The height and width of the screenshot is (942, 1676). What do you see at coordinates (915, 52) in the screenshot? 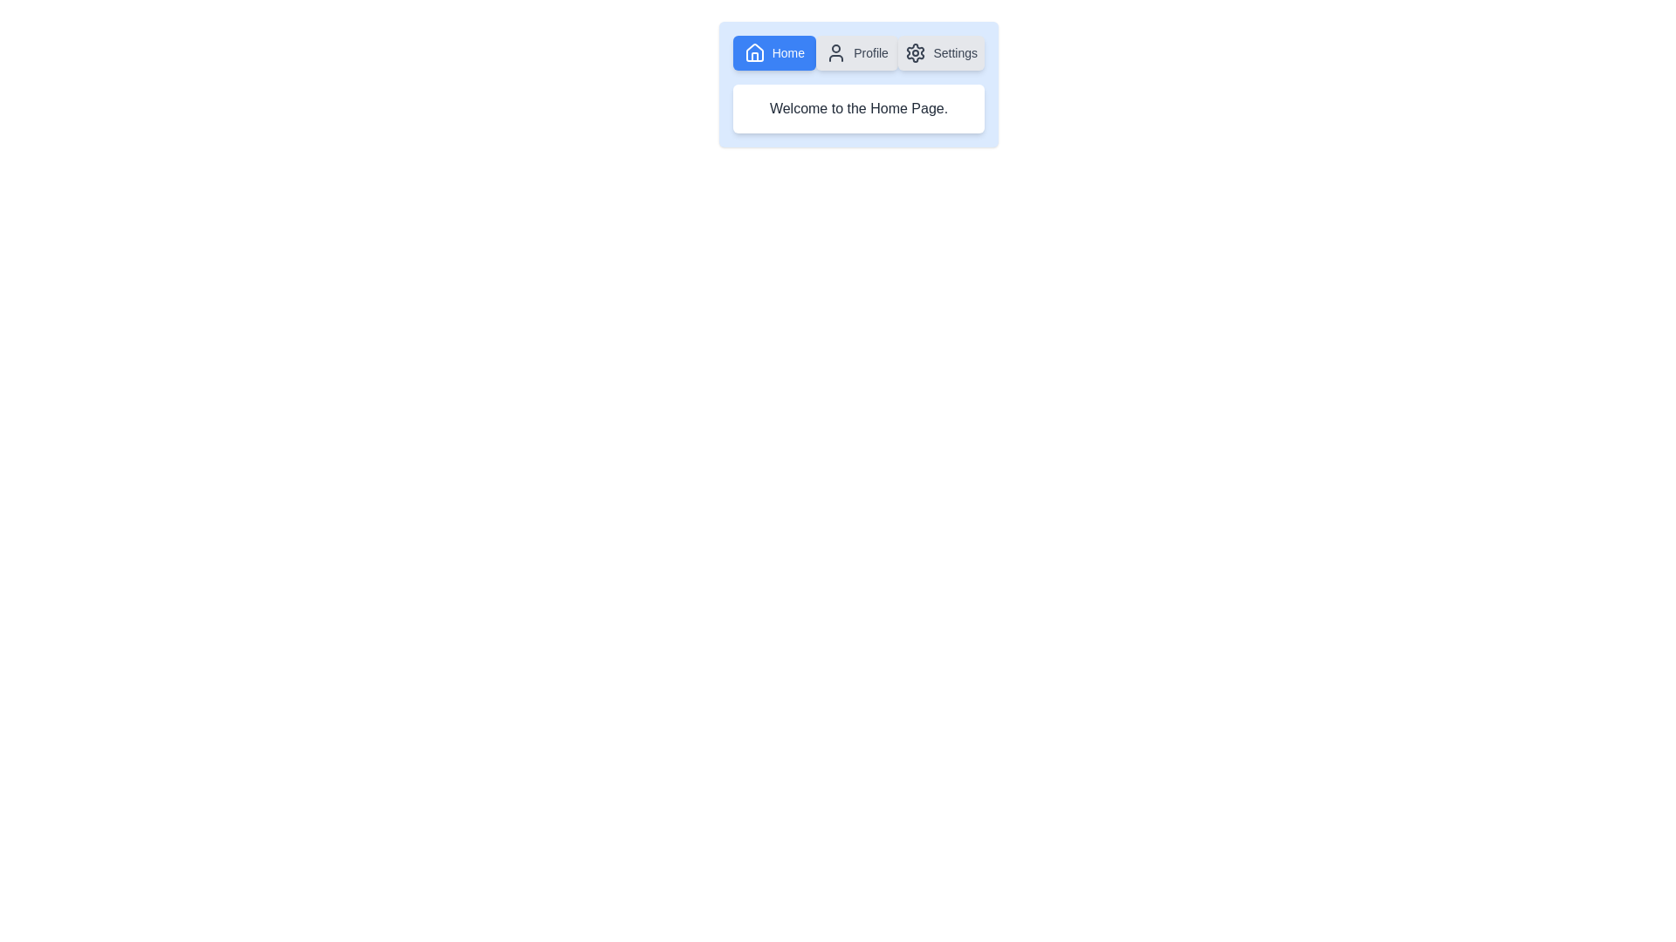
I see `the settings icon located within the 'Settings' button, positioned to the left of the text 'Settings'` at bounding box center [915, 52].